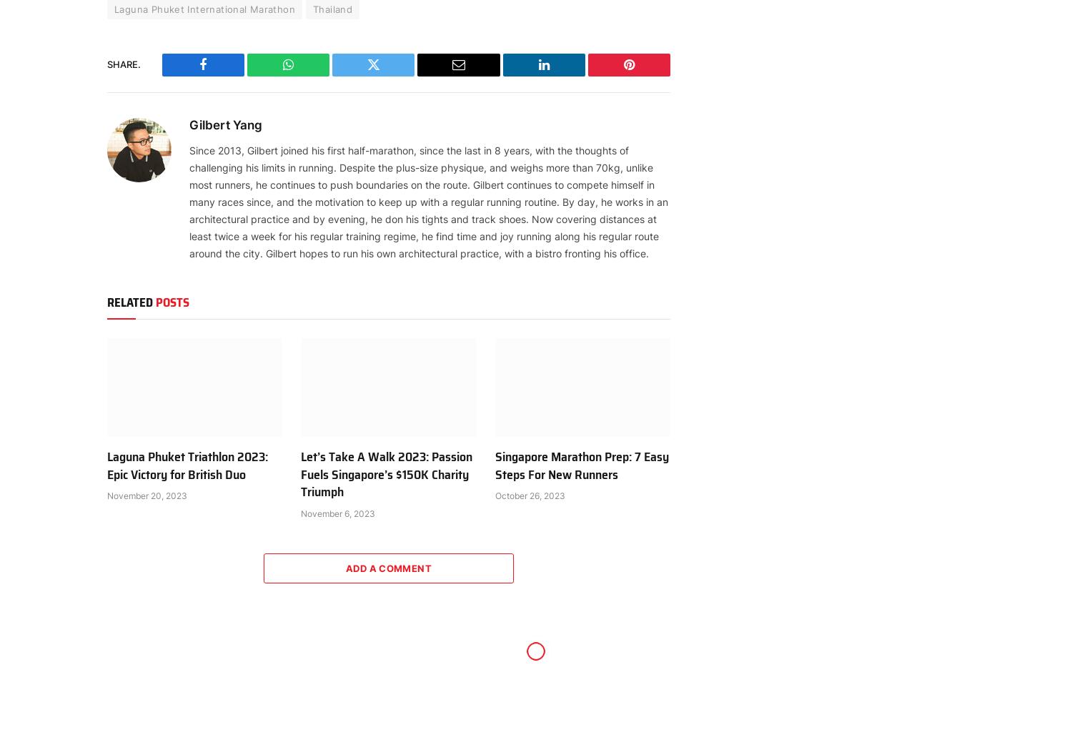  Describe the element at coordinates (580, 465) in the screenshot. I see `'Singapore Marathon Prep: 7 Easy Steps For New Runners'` at that location.